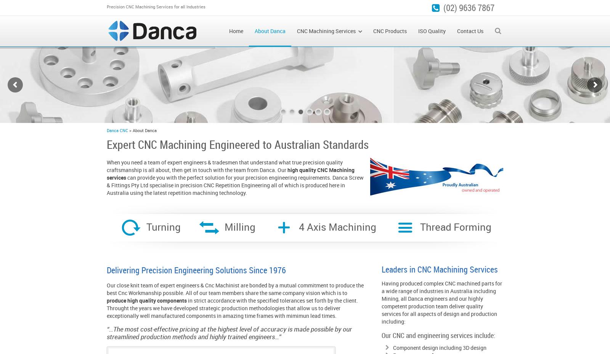 Image resolution: width=610 pixels, height=354 pixels. I want to click on 'Our CNC and engineering services include:', so click(438, 335).